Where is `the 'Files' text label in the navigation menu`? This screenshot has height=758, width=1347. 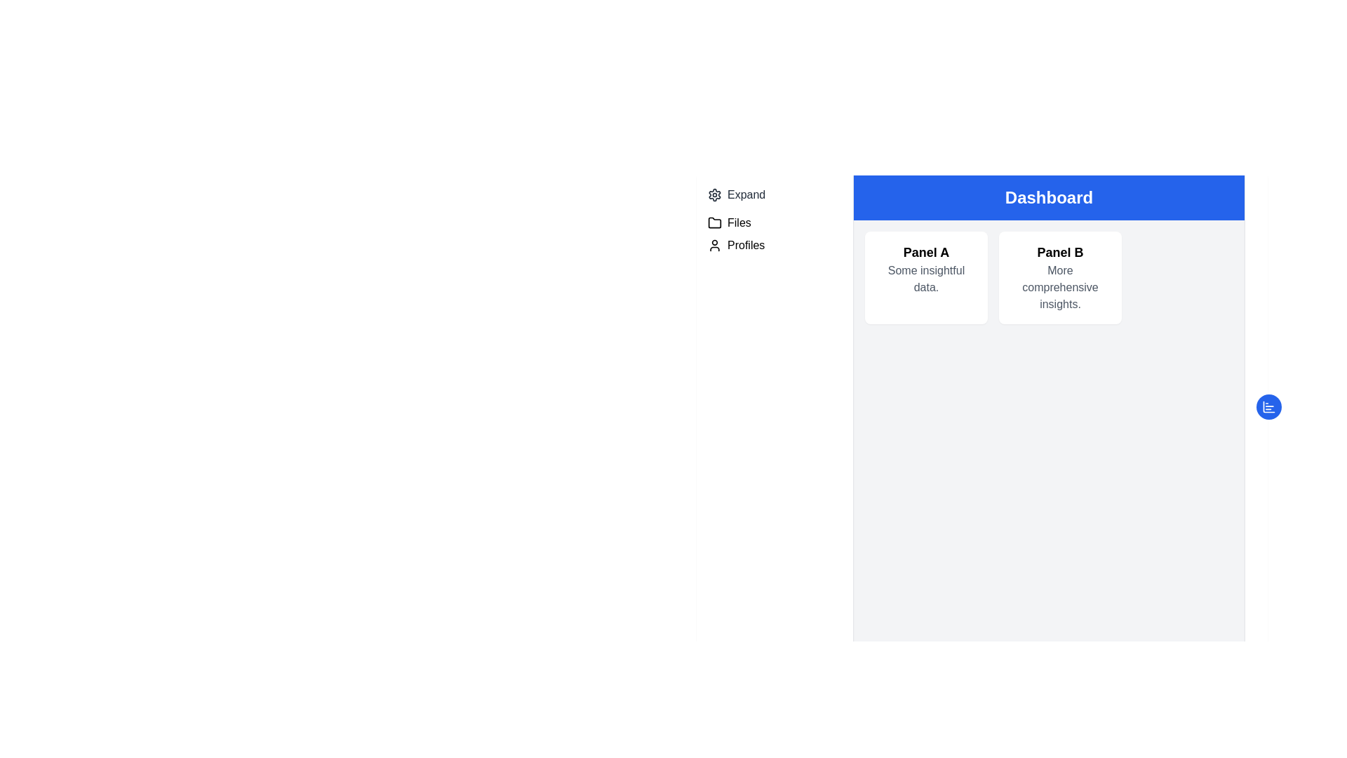
the 'Files' text label in the navigation menu is located at coordinates (738, 222).